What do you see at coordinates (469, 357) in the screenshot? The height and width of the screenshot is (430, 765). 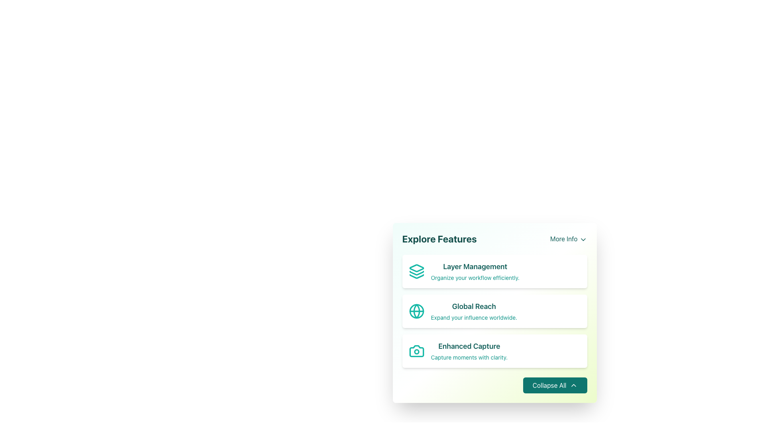 I see `the text label displaying 'Capture moments with clarity.' which is positioned below the 'Enhanced Capture' heading in the card-like structure` at bounding box center [469, 357].